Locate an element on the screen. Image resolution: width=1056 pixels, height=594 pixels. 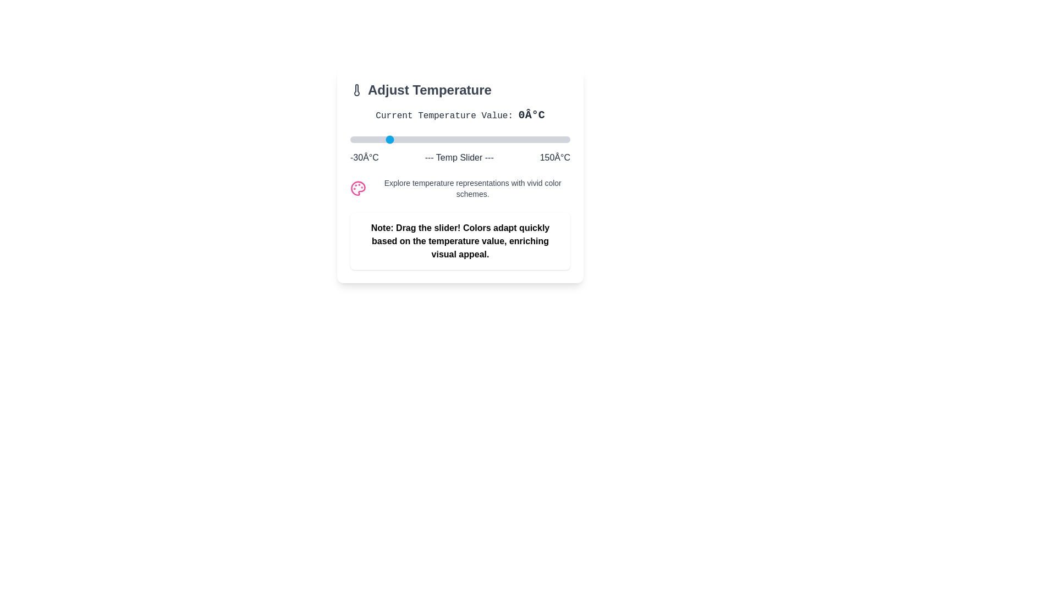
the temperature slider to set the temperature to 0°C is located at coordinates (387, 139).